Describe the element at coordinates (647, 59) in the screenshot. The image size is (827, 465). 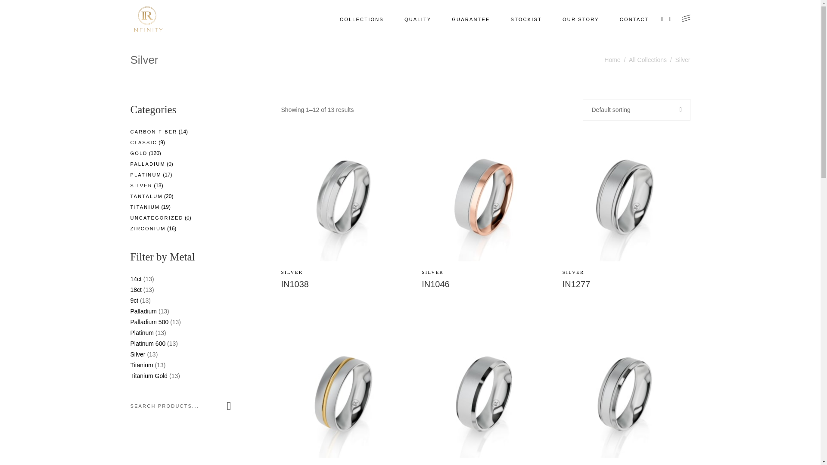
I see `'All Collections'` at that location.